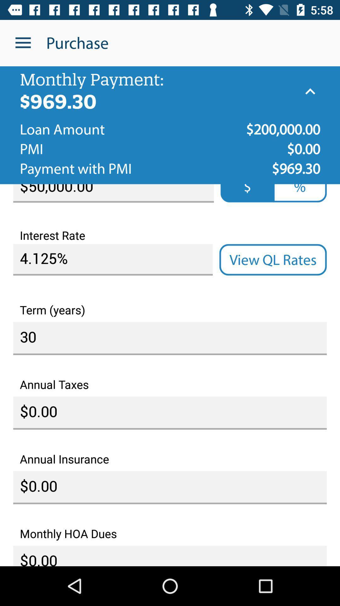  Describe the element at coordinates (310, 91) in the screenshot. I see `the expand_less icon` at that location.